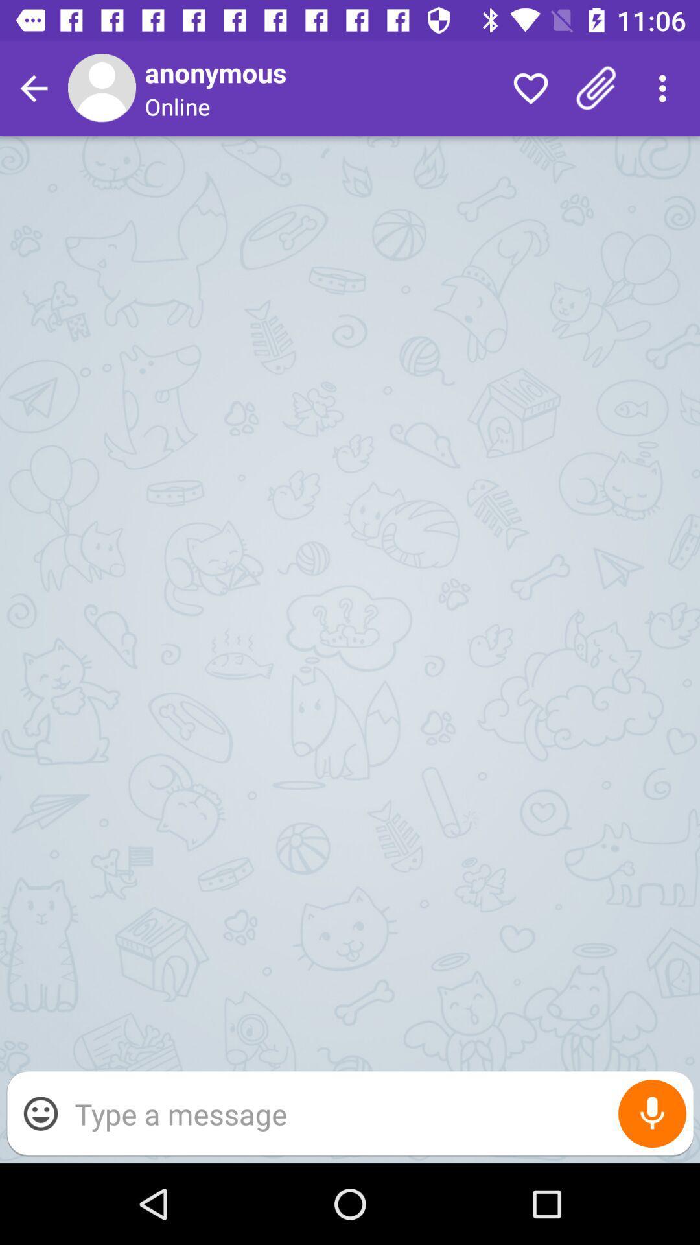 The height and width of the screenshot is (1245, 700). What do you see at coordinates (652, 1113) in the screenshot?
I see `item at the bottom right corner` at bounding box center [652, 1113].